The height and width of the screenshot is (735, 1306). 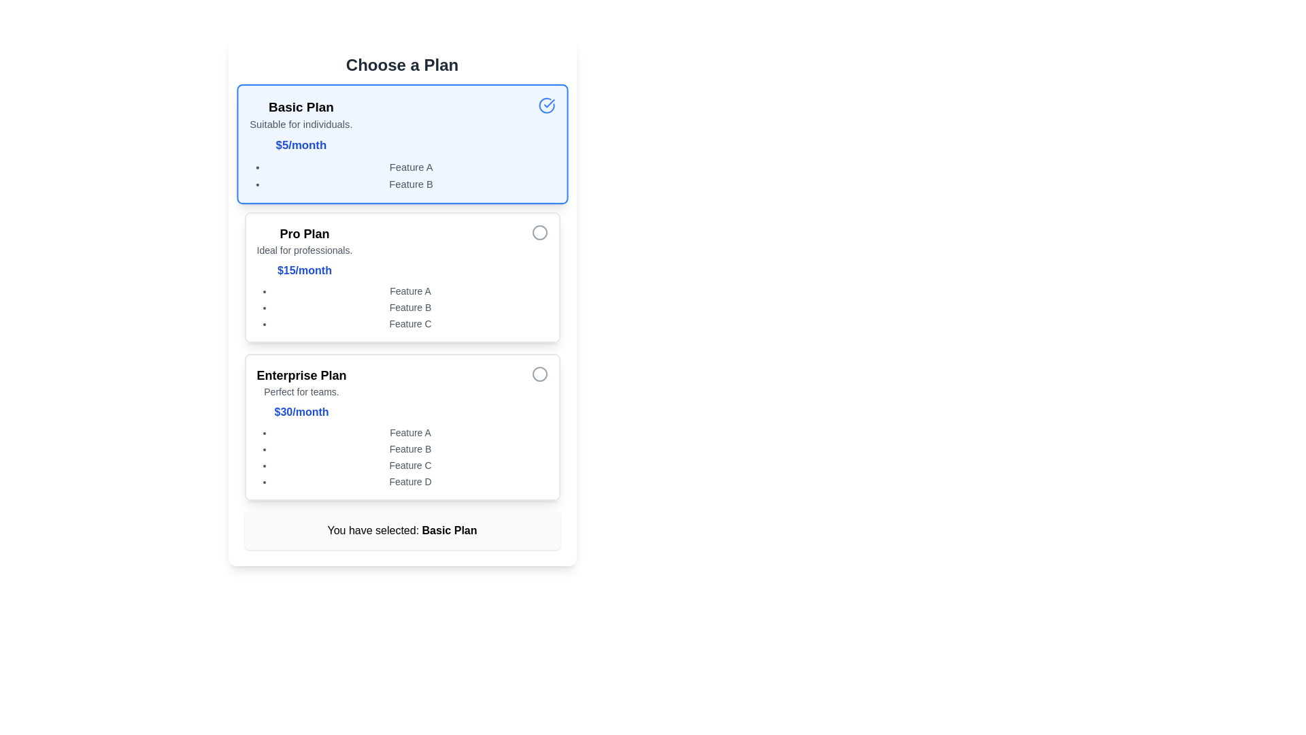 I want to click on the informational text label highlighting 'Feature A' in the 'Basic Plan' section, which is the first item in a bulleted list, so click(x=410, y=166).